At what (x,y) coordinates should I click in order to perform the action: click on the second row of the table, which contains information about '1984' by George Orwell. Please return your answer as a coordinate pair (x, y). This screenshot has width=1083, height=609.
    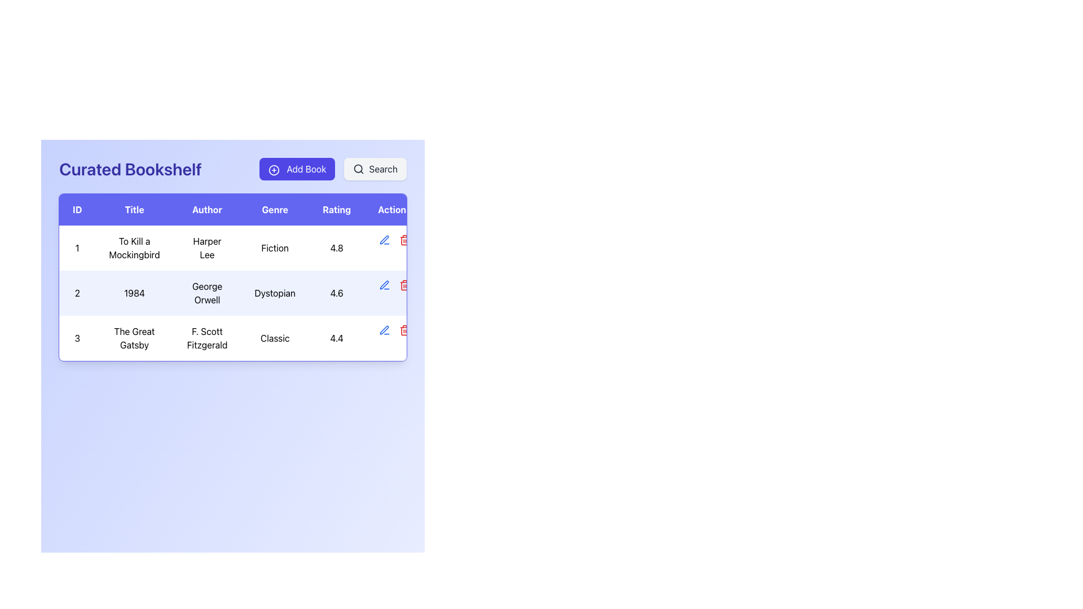
    Looking at the image, I should click on (241, 293).